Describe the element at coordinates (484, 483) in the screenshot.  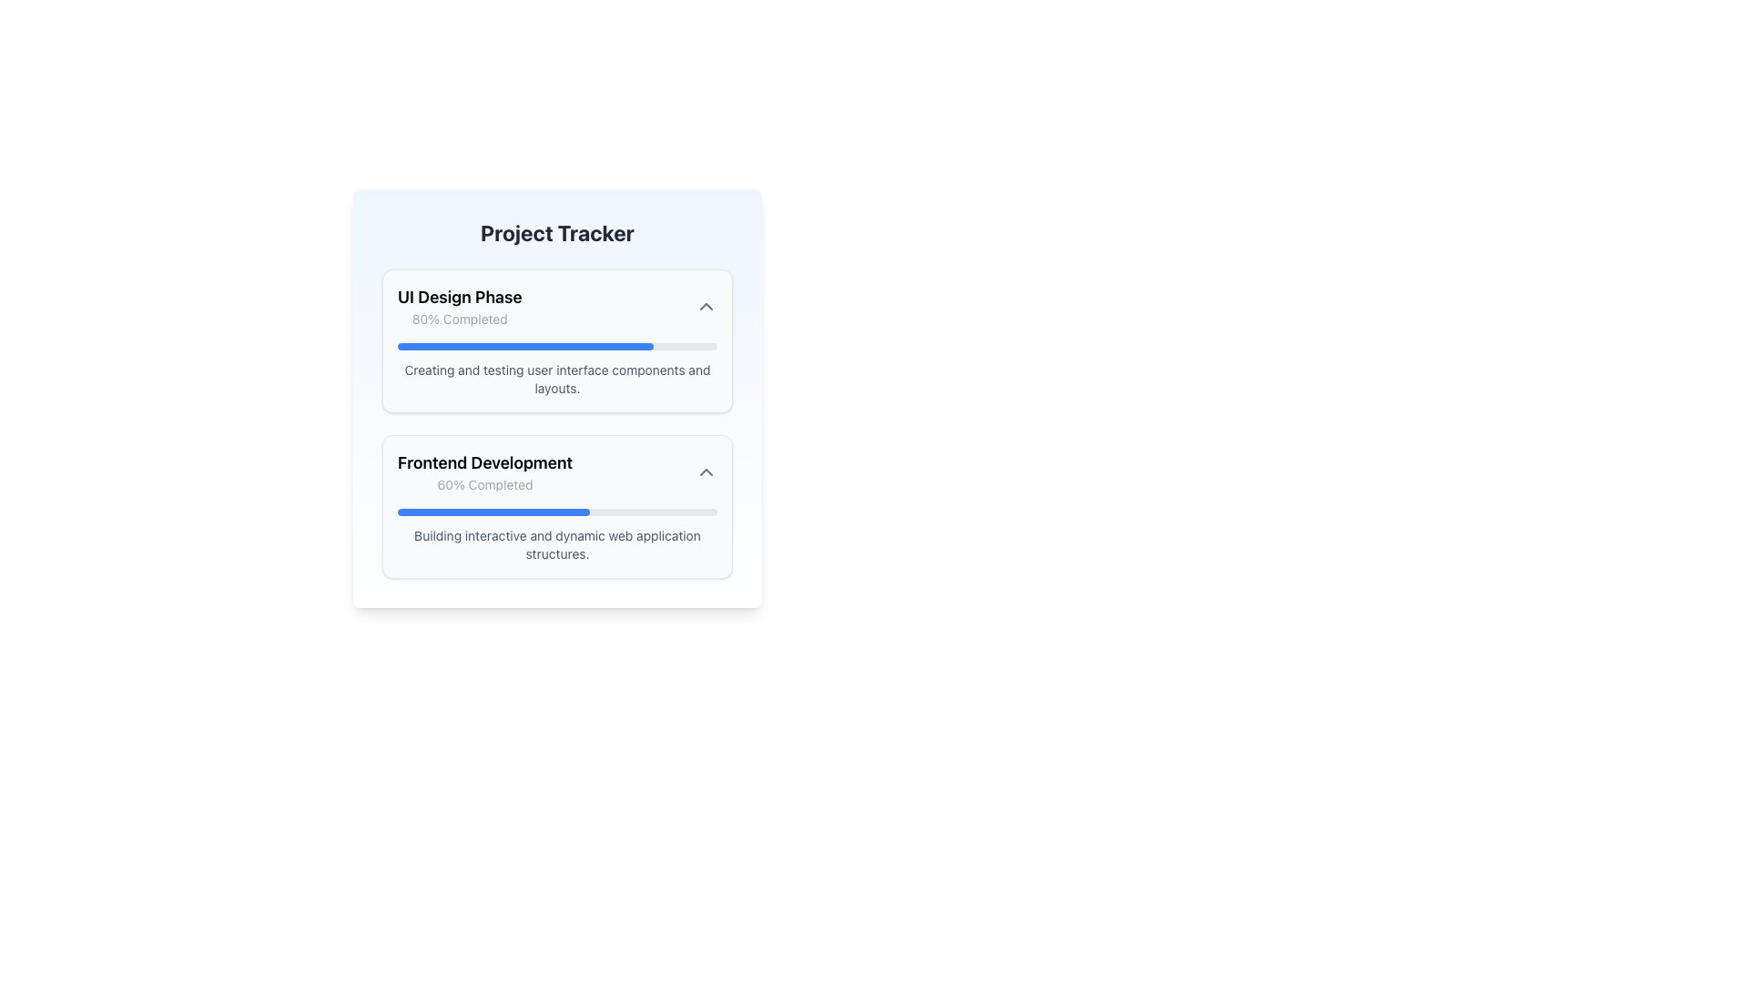
I see `completion percentage from the text label located in the 'Frontend Development' section, which is situated above the horizontal progress bar` at that location.